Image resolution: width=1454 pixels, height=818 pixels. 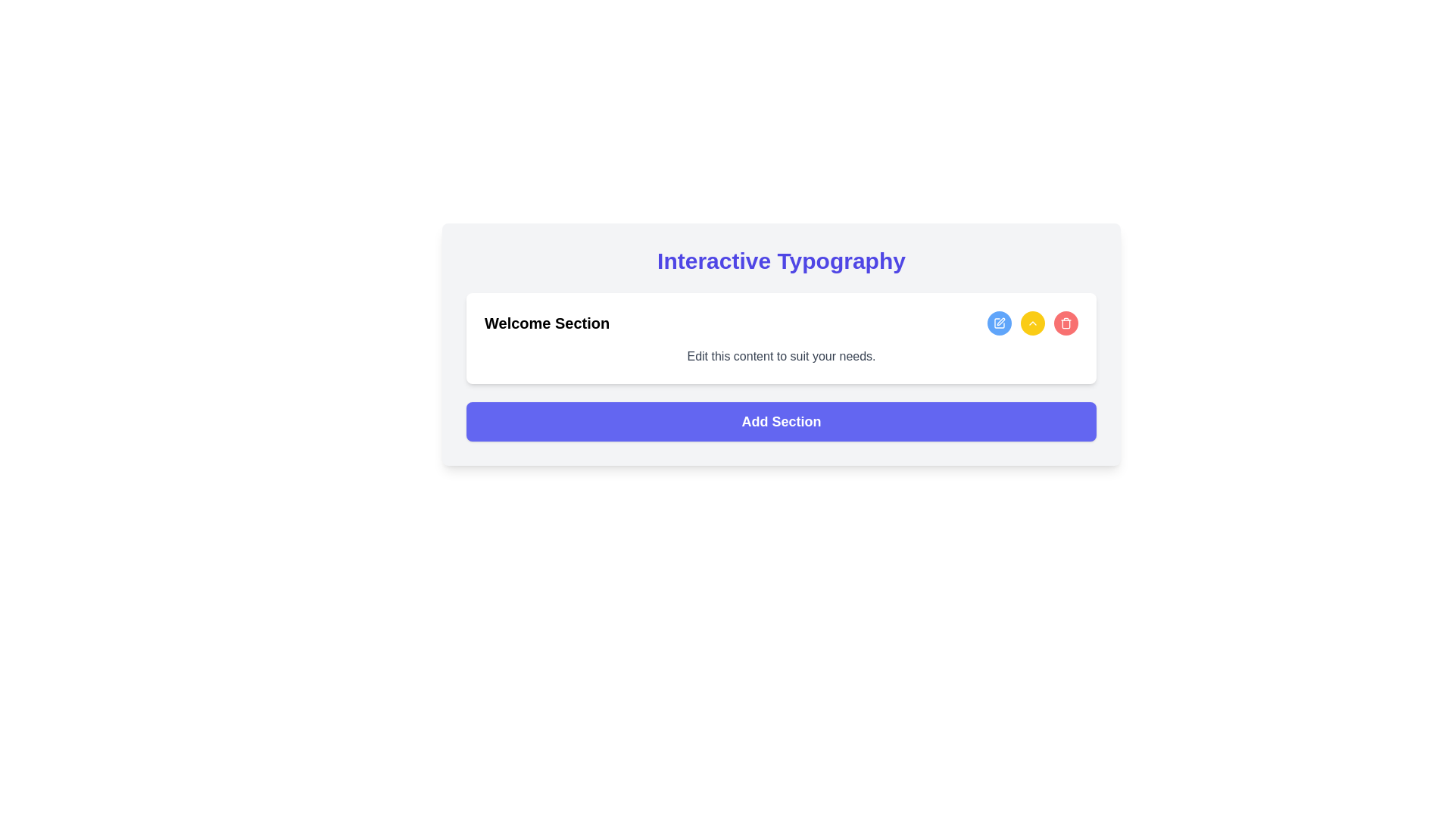 I want to click on the first circular button located at the top-right corner of the white content card, so click(x=1000, y=323).